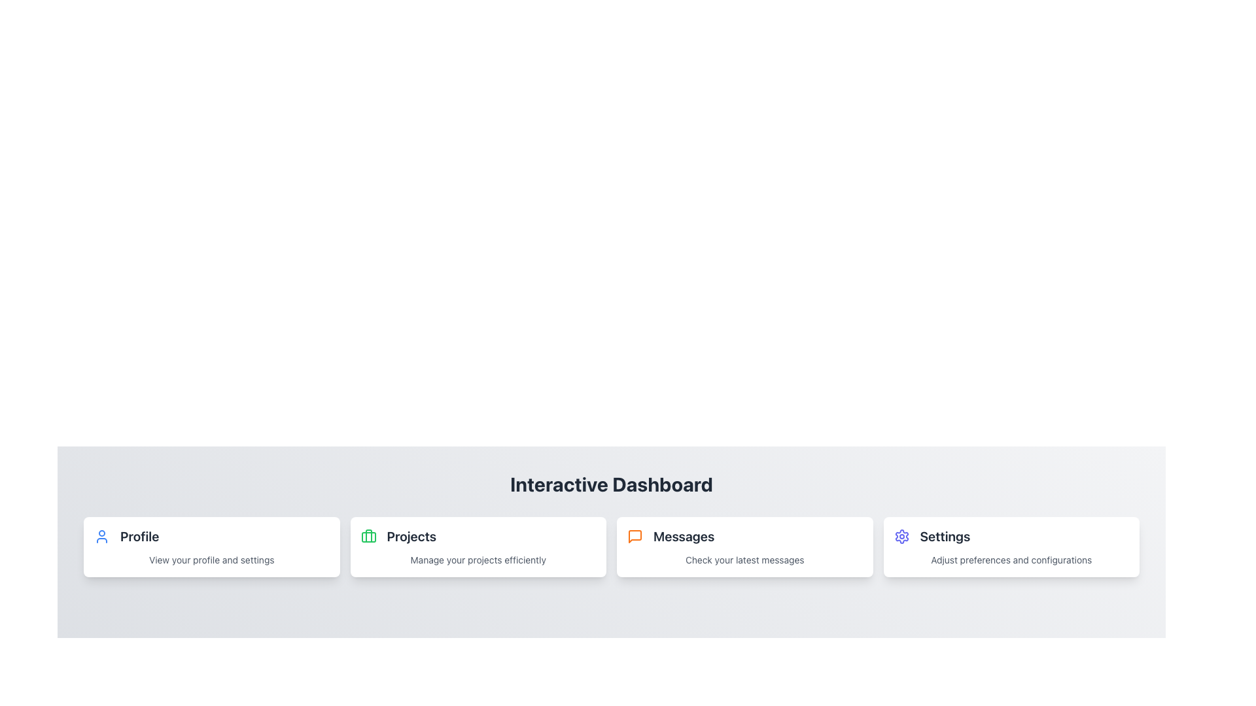  I want to click on the small descriptive text label providing guidance for the 'Settings' card, located at the bottom of the card immediately below the 'Settings' heading, so click(1011, 559).